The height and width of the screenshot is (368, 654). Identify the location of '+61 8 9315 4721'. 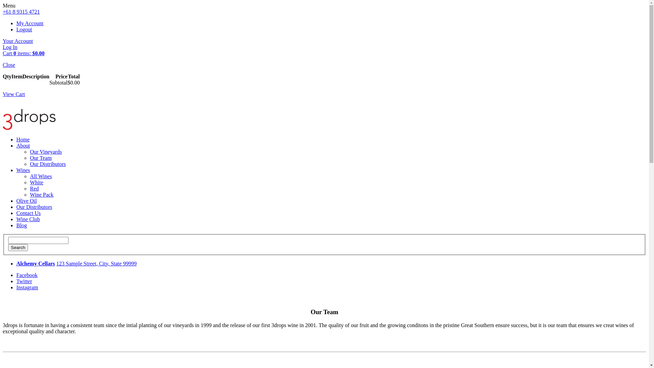
(21, 12).